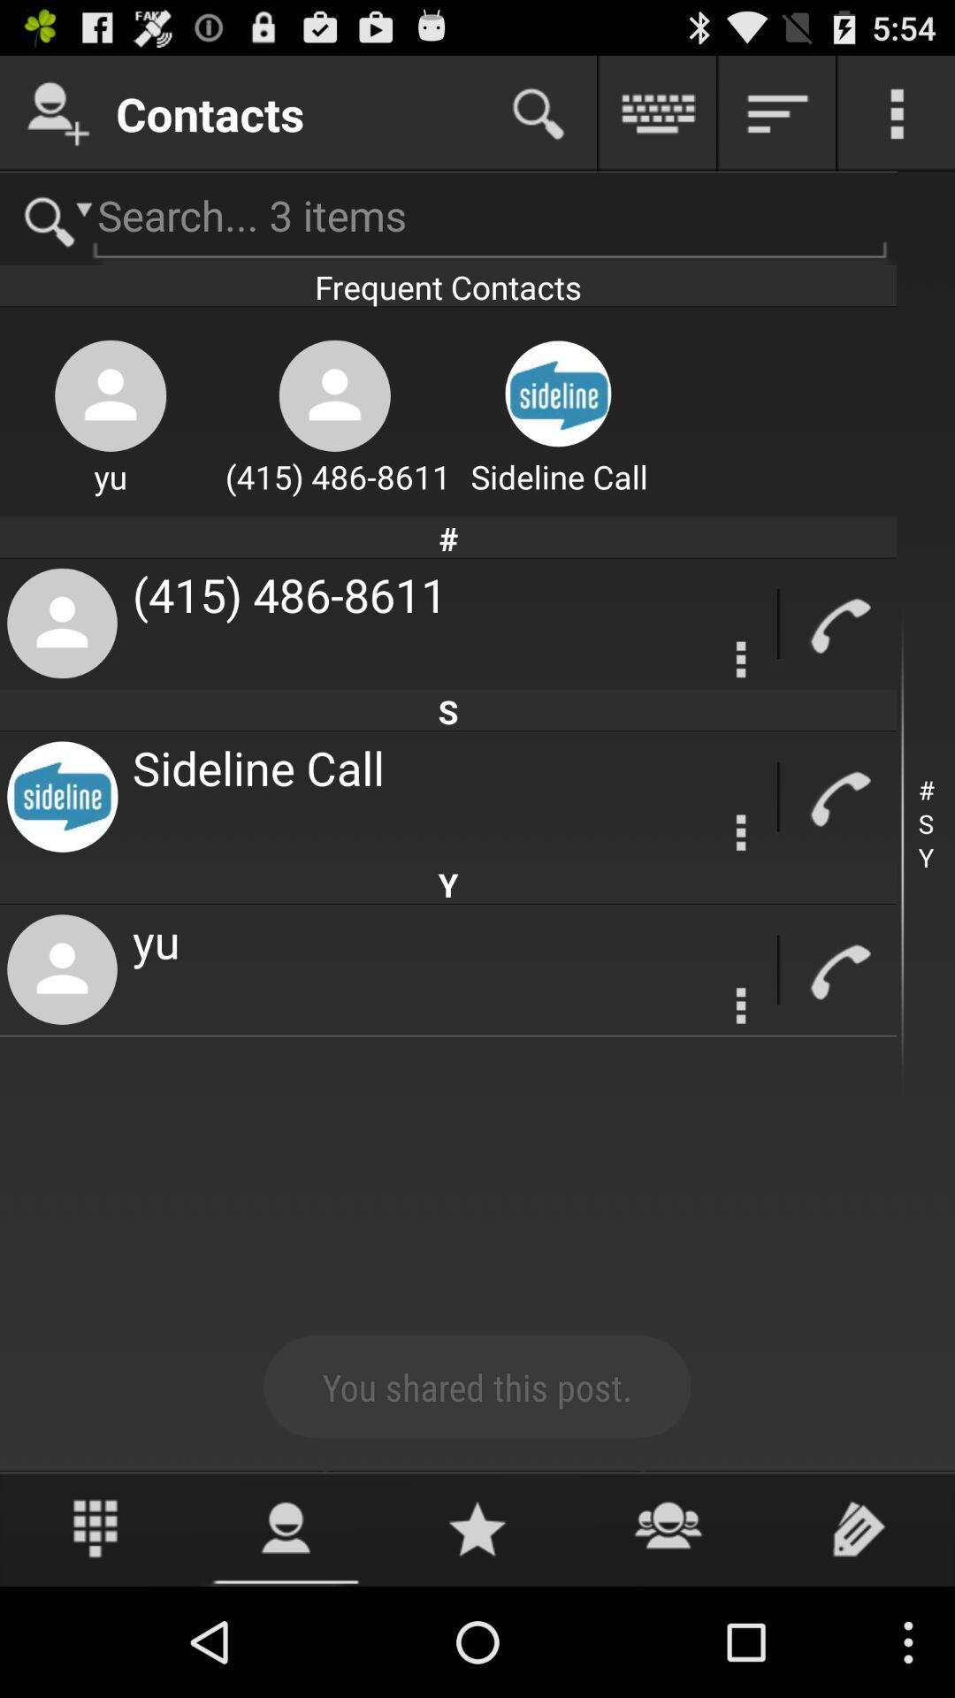 The width and height of the screenshot is (955, 1698). Describe the element at coordinates (538, 112) in the screenshot. I see `search option` at that location.